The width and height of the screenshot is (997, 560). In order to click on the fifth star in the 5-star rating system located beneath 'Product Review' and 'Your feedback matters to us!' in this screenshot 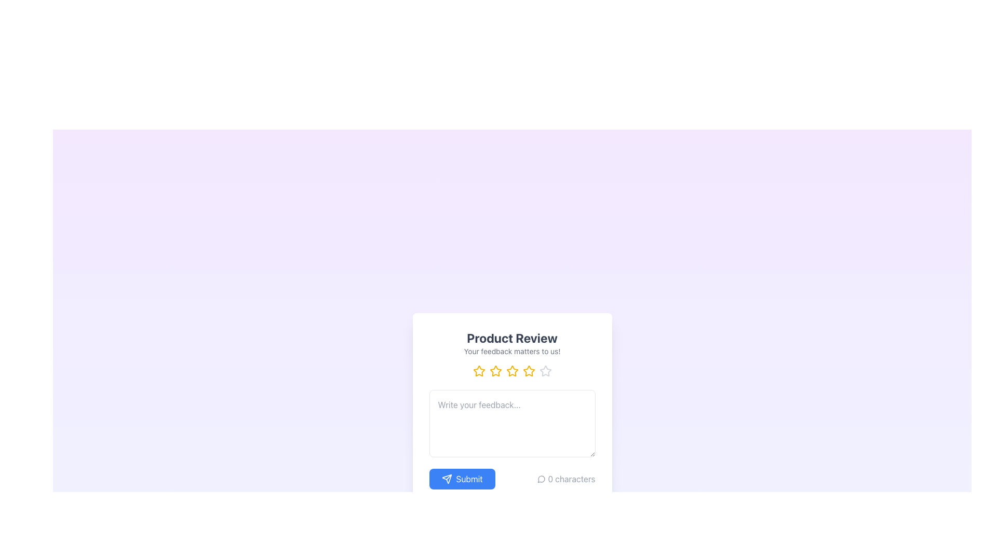, I will do `click(545, 371)`.